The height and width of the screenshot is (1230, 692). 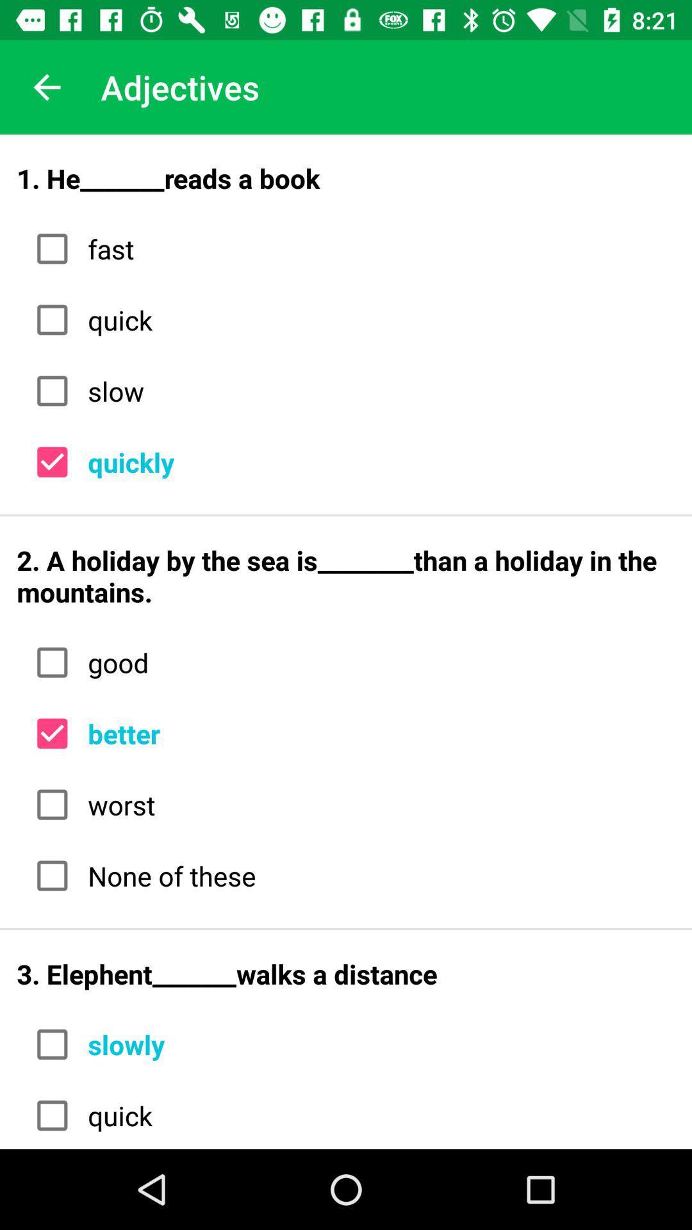 I want to click on item below better icon, so click(x=376, y=804).